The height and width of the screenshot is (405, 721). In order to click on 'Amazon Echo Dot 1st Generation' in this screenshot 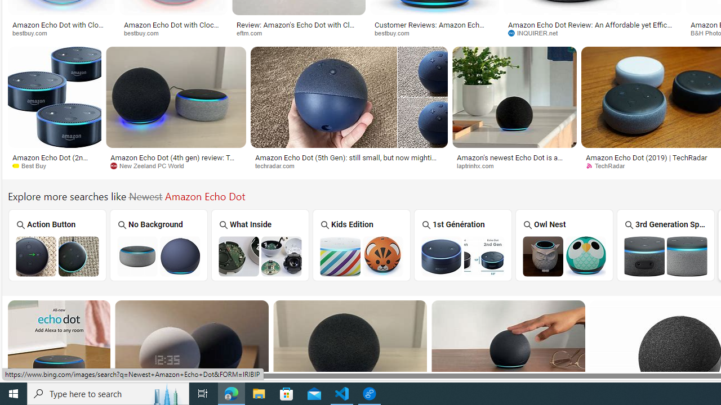, I will do `click(462, 256)`.